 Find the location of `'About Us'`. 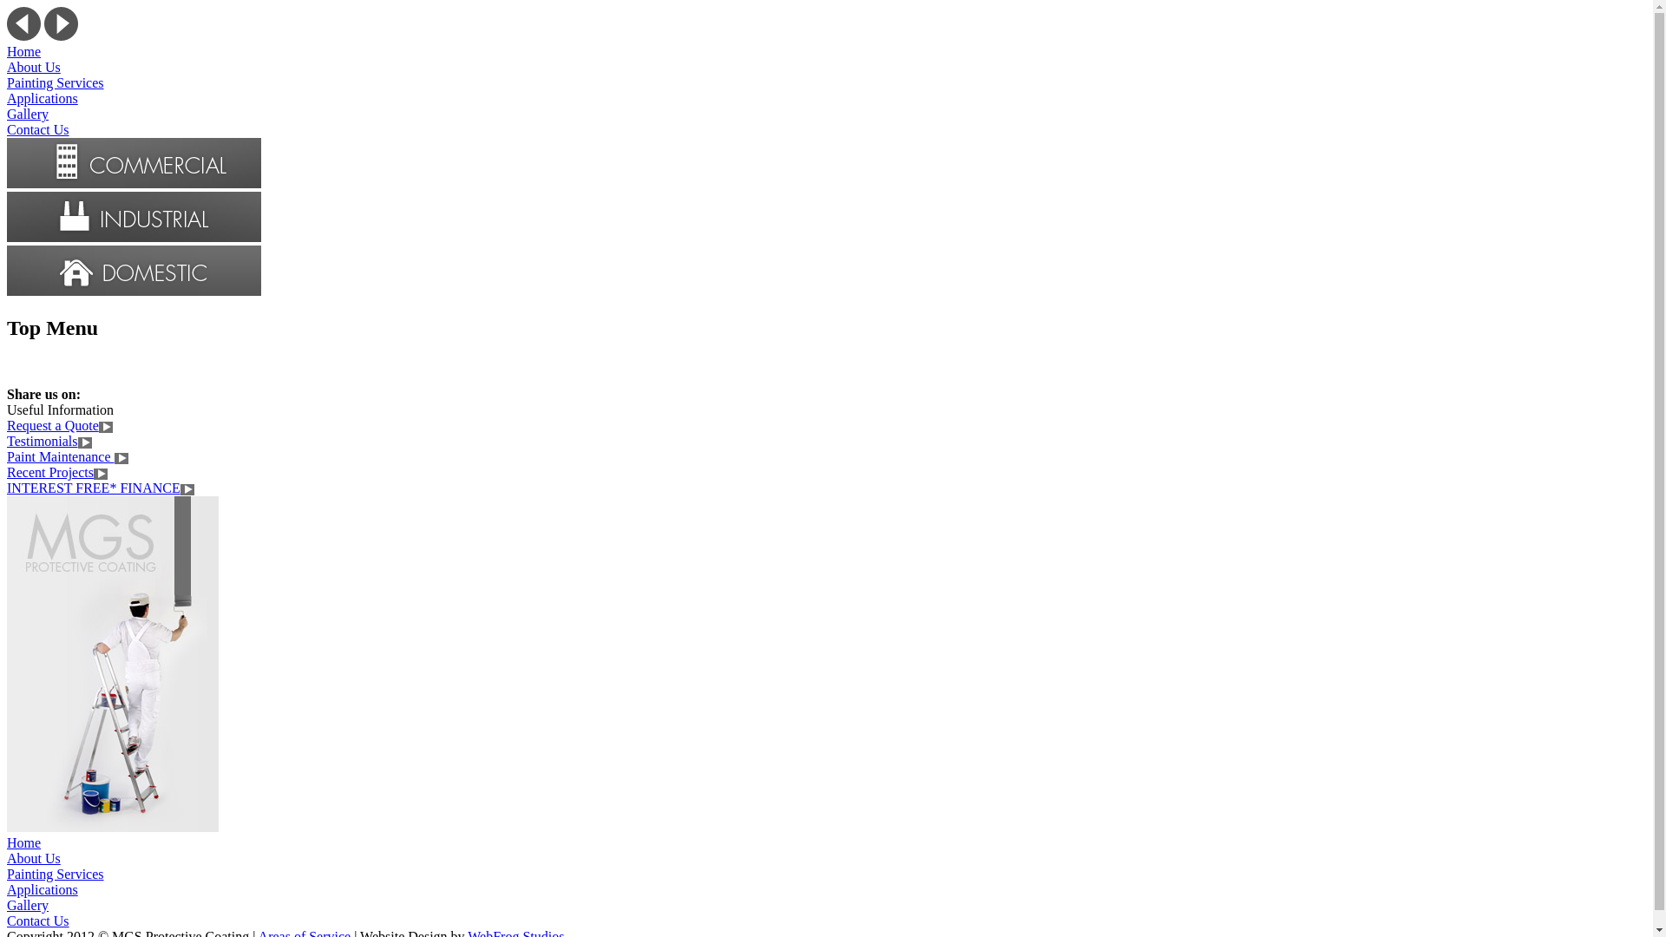

'About Us' is located at coordinates (33, 66).